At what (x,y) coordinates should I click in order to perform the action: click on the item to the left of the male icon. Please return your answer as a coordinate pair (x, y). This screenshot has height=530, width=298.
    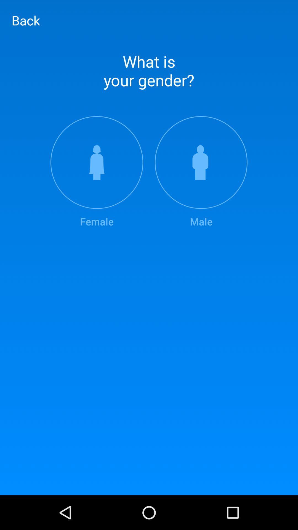
    Looking at the image, I should click on (97, 172).